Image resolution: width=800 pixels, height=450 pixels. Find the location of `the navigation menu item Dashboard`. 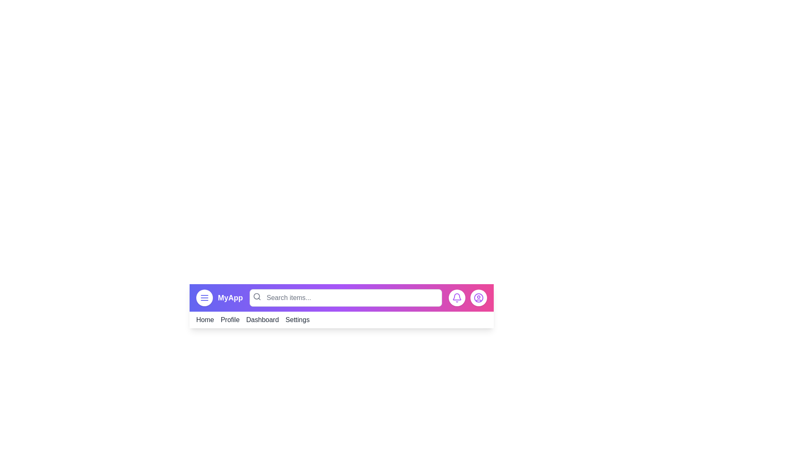

the navigation menu item Dashboard is located at coordinates (262, 319).